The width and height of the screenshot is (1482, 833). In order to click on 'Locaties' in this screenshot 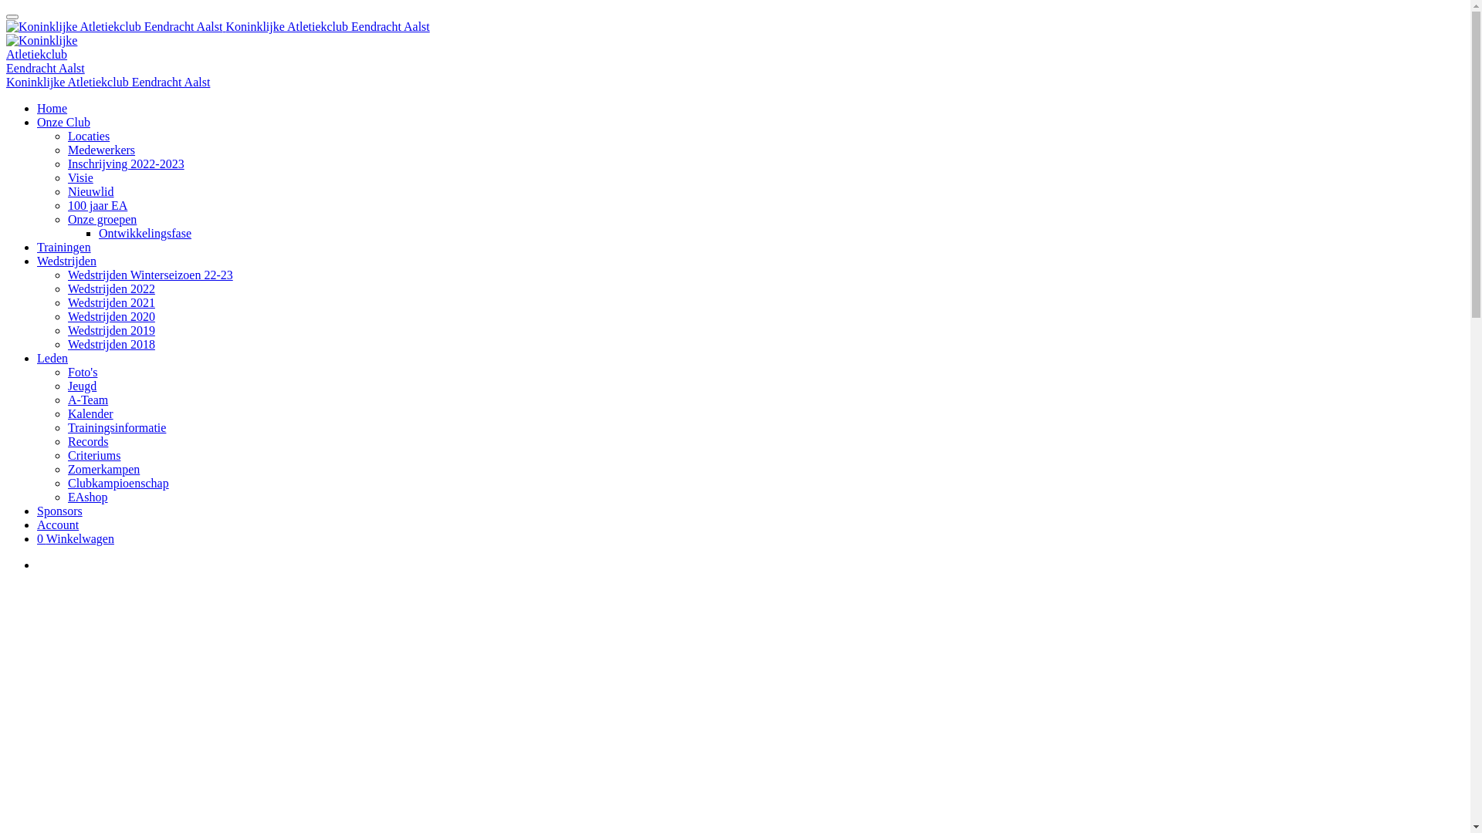, I will do `click(66, 135)`.